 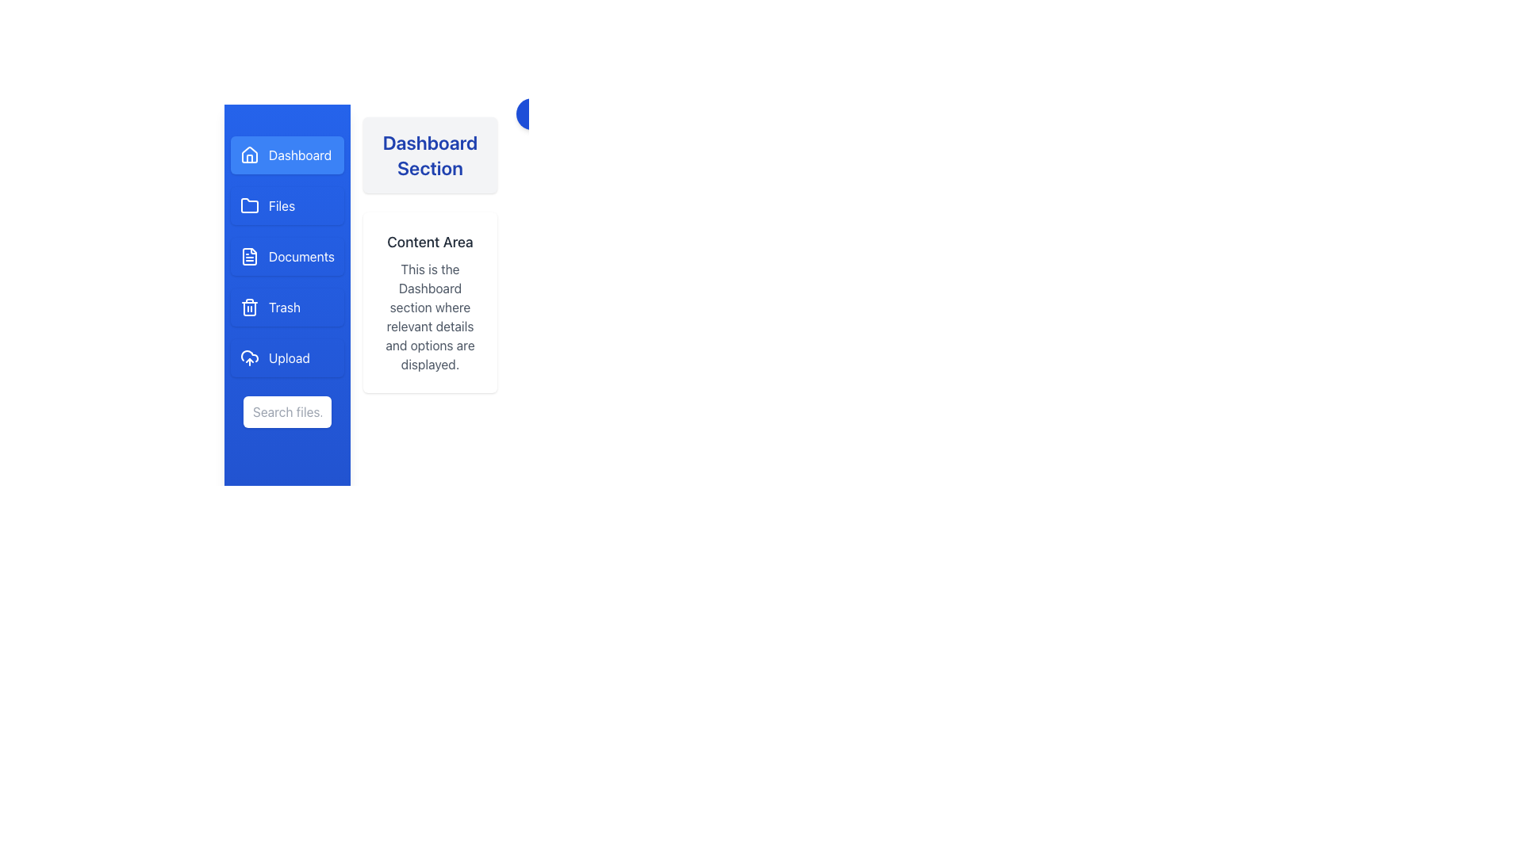 I want to click on the 'Trash' text label, which is displayed in white font on a blue background and is positioned in the vertical navigation pane between 'Documents' and 'Upload', so click(x=285, y=308).